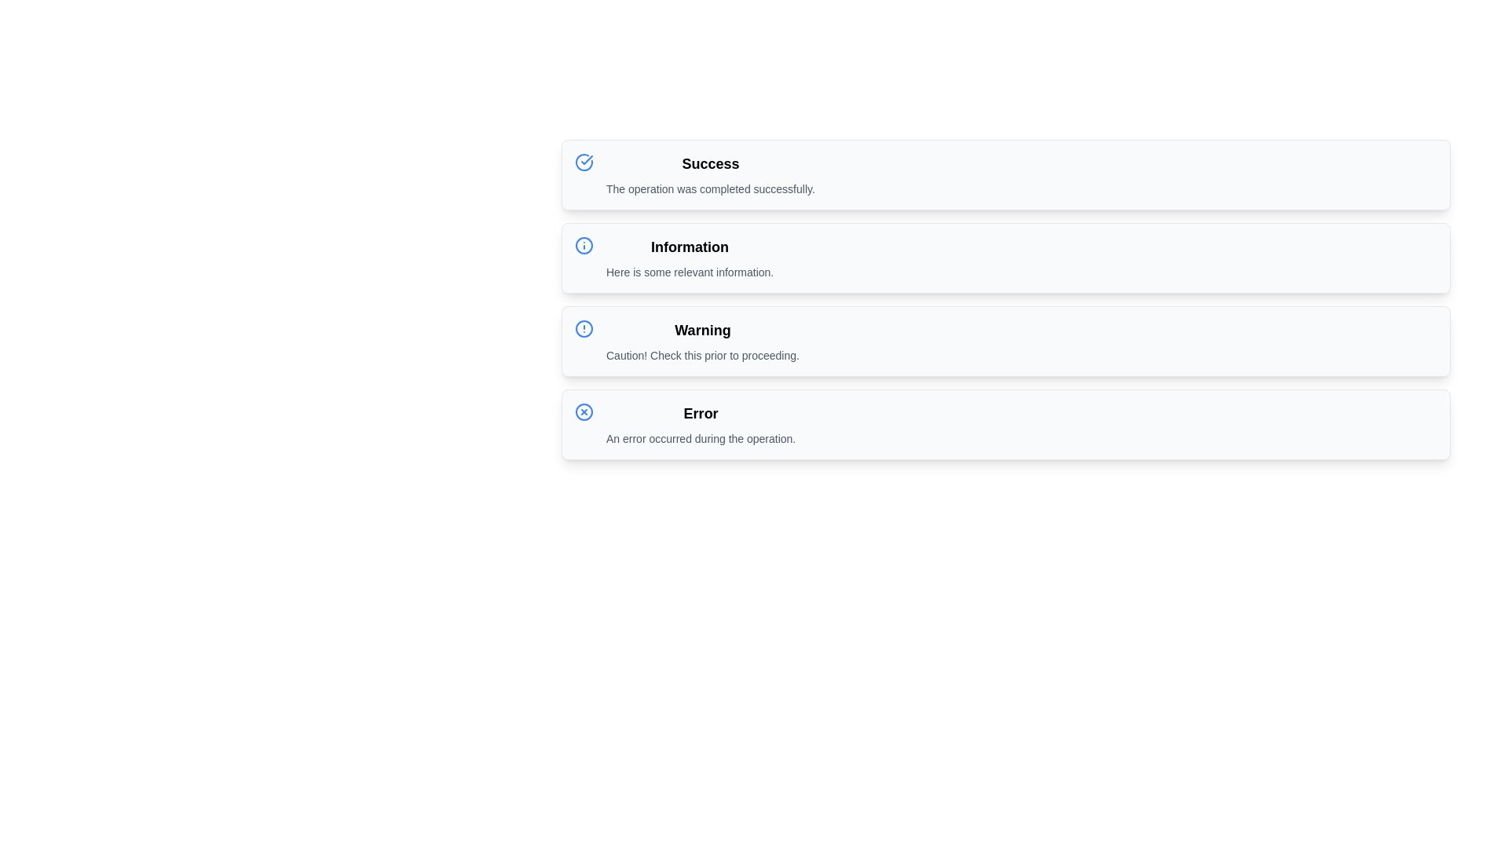 The height and width of the screenshot is (848, 1508). Describe the element at coordinates (690, 272) in the screenshot. I see `information from the text label styled in a small font size with gray text color, positioned below the 'Information' title` at that location.